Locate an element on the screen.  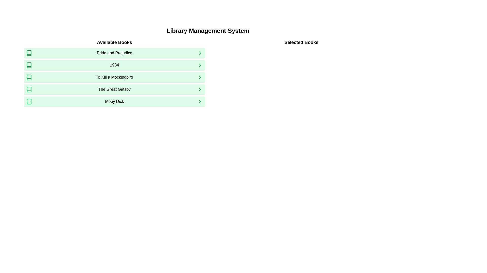
the navigational icon on the far right of the row containing 'To Kill a Mockingbird' in the 'Available Books' column is located at coordinates (199, 77).